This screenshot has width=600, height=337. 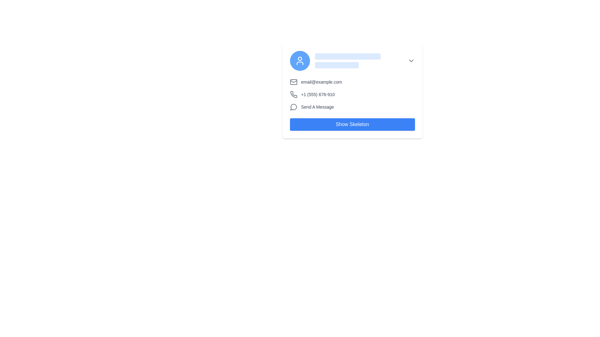 I want to click on the phone icon, which is a simple line drawing of a handset in gray color, located to the left of the phone number '+1 (555) 678-910' in the contact information section of the contact card, so click(x=293, y=95).